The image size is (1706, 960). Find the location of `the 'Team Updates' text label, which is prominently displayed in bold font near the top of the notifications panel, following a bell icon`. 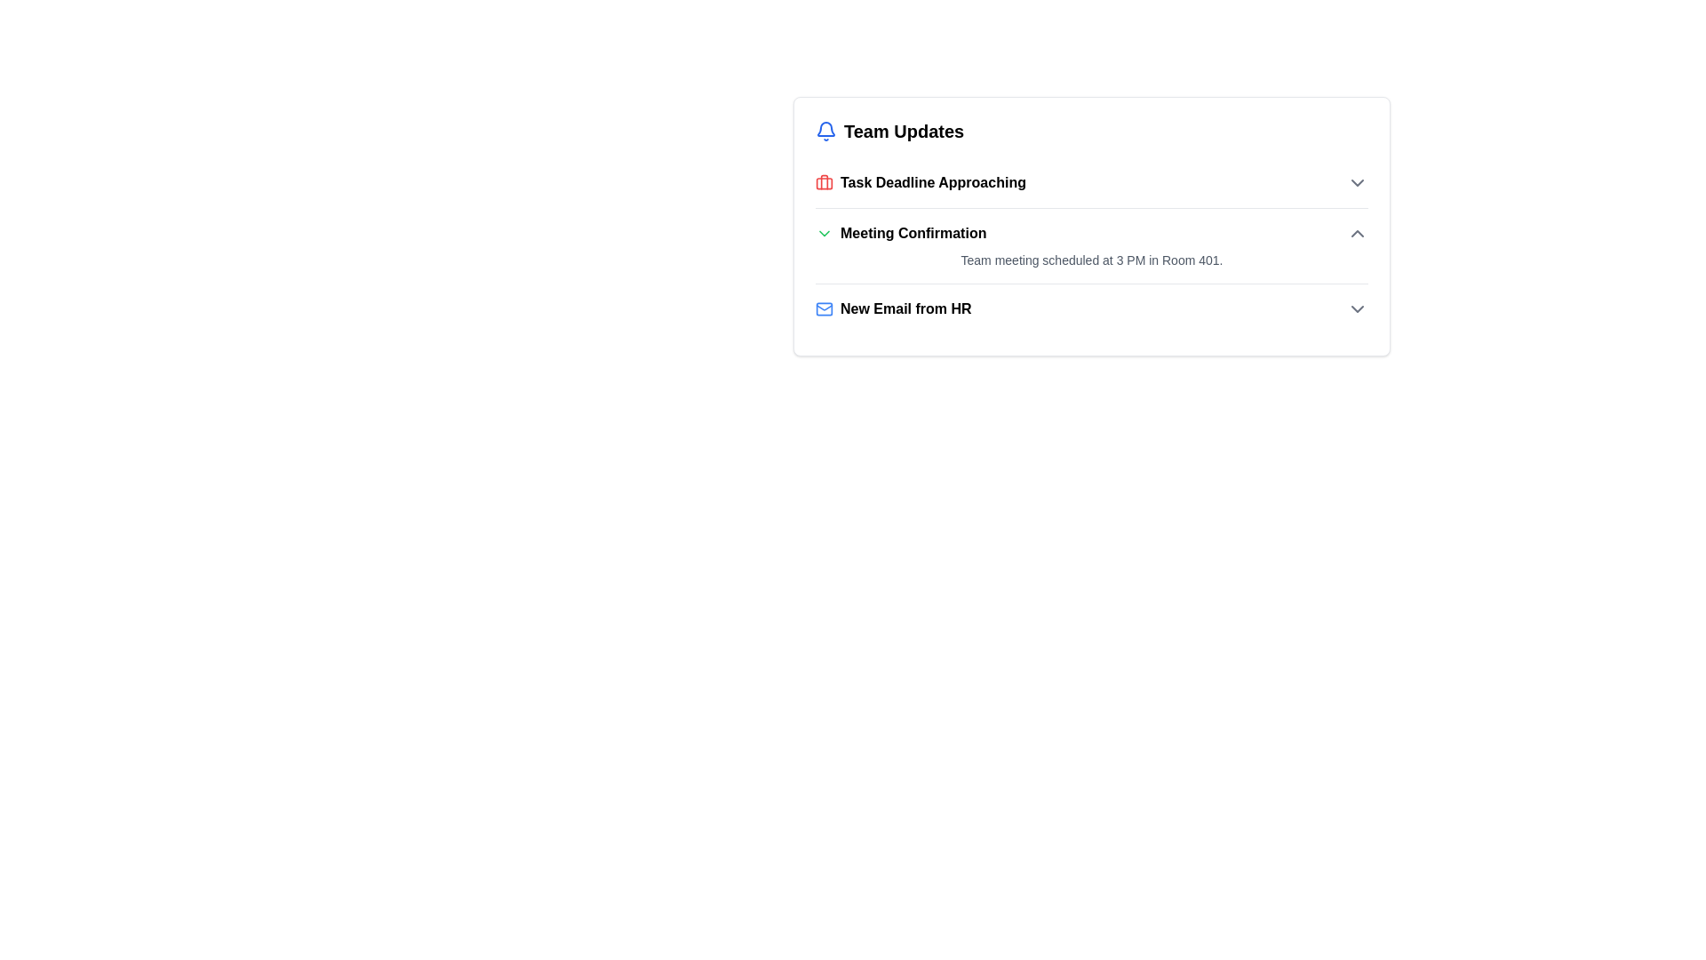

the 'Team Updates' text label, which is prominently displayed in bold font near the top of the notifications panel, following a bell icon is located at coordinates (904, 130).